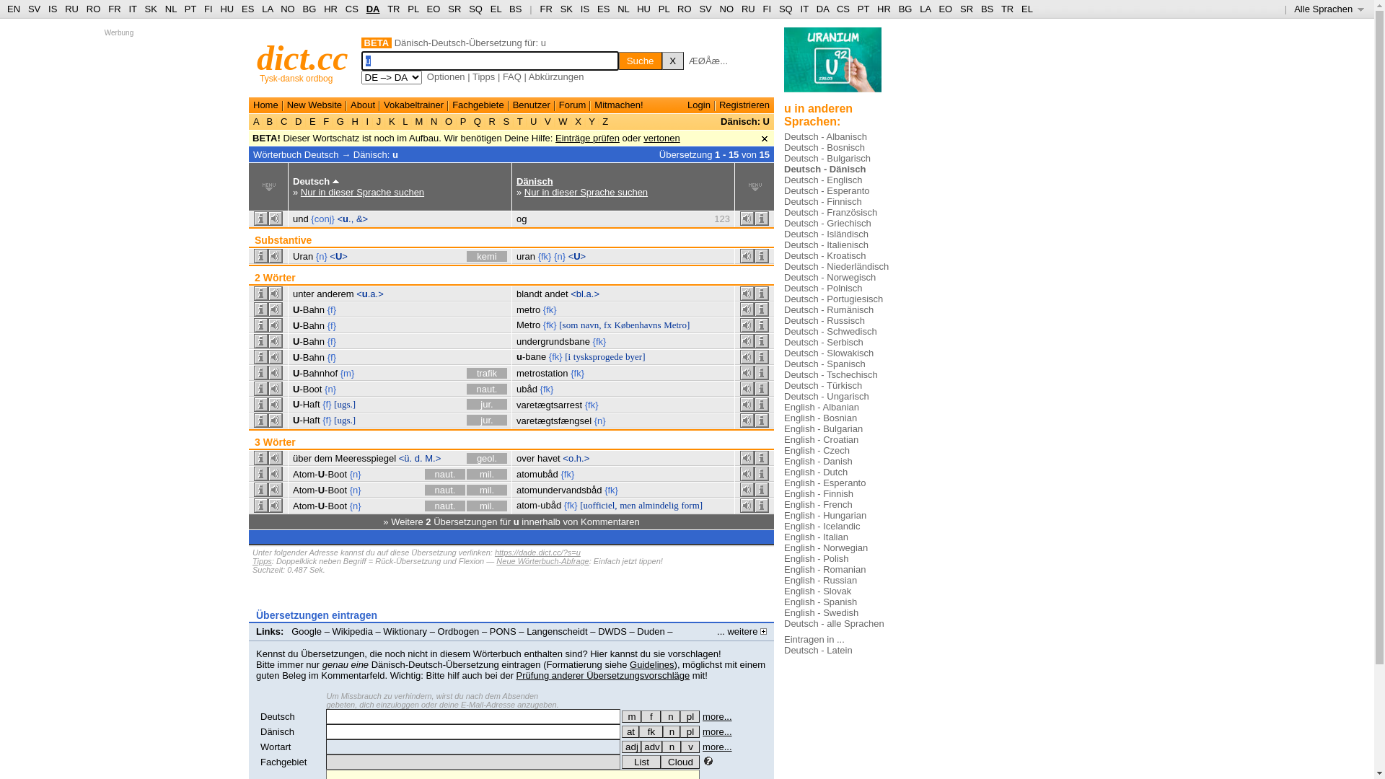 The image size is (1385, 779). I want to click on 'Deutsch - Bosnisch', so click(824, 147).